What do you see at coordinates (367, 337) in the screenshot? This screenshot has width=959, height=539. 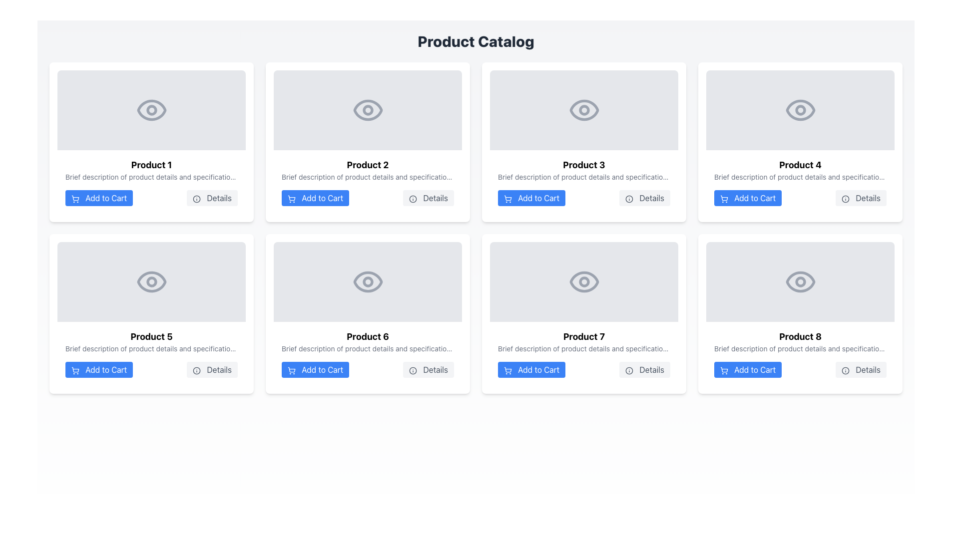 I see `the 'Product 6' text label, which serves as the title for the product on the product card, positioned at the upper center area above the description and buttons` at bounding box center [367, 337].